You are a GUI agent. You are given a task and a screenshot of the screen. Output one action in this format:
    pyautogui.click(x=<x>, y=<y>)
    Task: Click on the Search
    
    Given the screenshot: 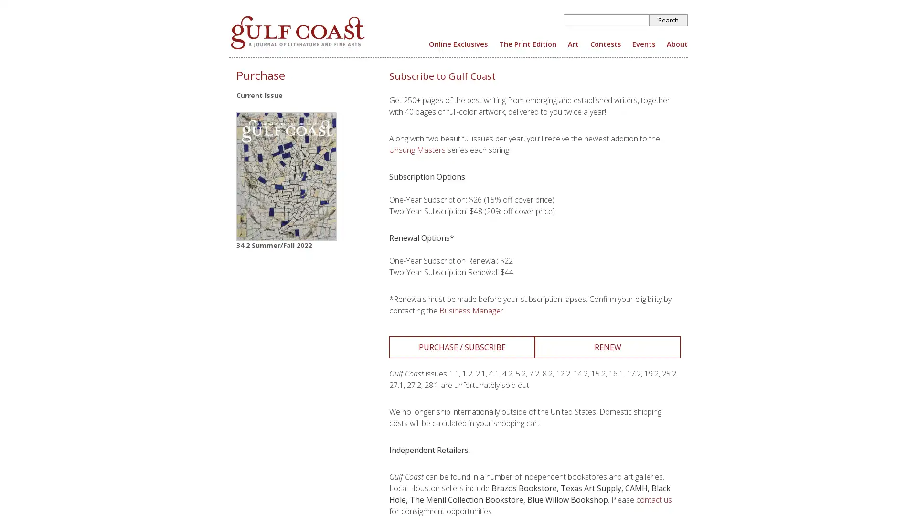 What is the action you would take?
    pyautogui.click(x=668, y=20)
    